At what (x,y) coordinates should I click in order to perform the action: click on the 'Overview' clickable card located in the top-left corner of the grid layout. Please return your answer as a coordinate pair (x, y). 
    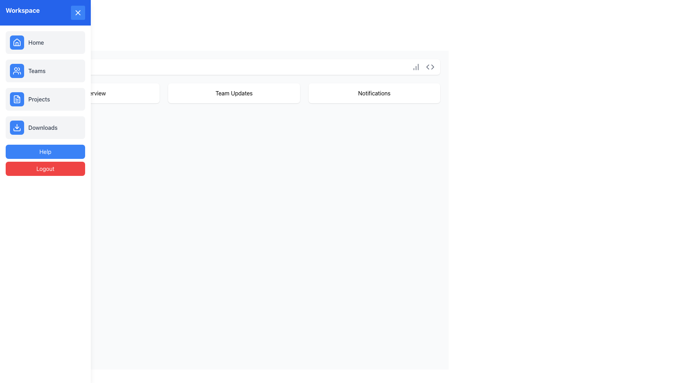
    Looking at the image, I should click on (93, 93).